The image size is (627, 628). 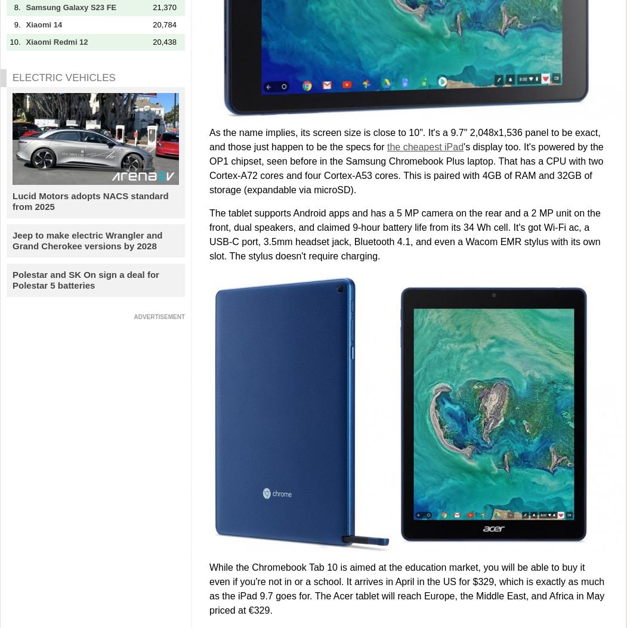 I want to click on ''s display too. It's powered by the OP1 chipset, seen before in the Samsung Chromebook Plus laptop. That has a CPU with two Cortex-A72 cores and four Cortex-A53 cores. This is paired with 4GB of RAM and 32GB of storage (expandable via microSD).', so click(x=406, y=168).